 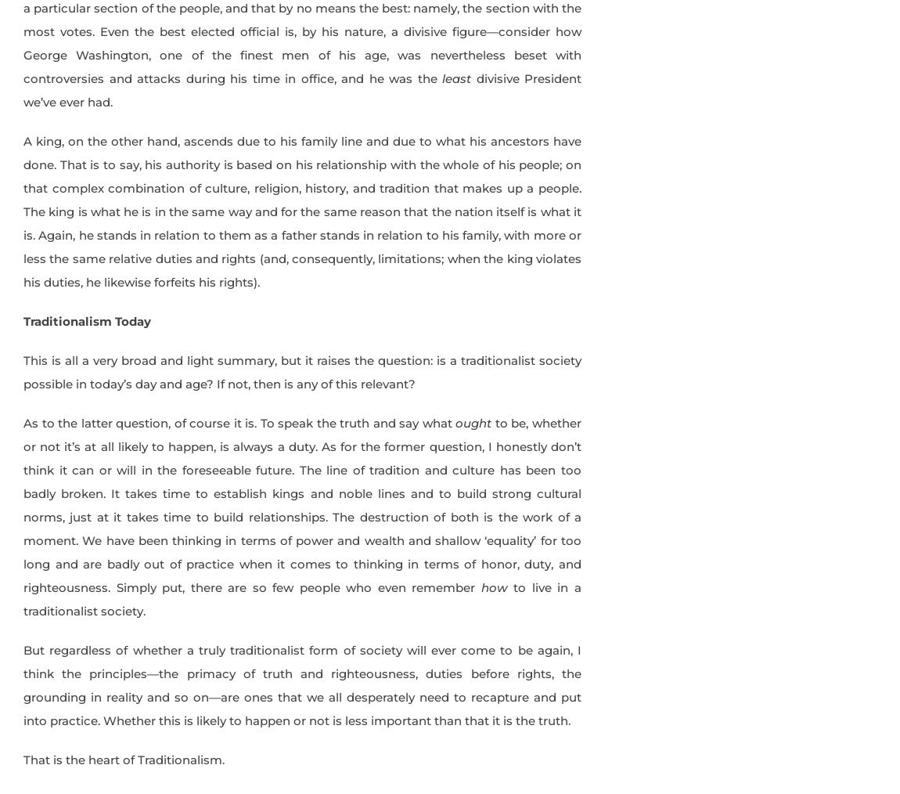 What do you see at coordinates (123, 759) in the screenshot?
I see `'That is the heart of Traditionalism.'` at bounding box center [123, 759].